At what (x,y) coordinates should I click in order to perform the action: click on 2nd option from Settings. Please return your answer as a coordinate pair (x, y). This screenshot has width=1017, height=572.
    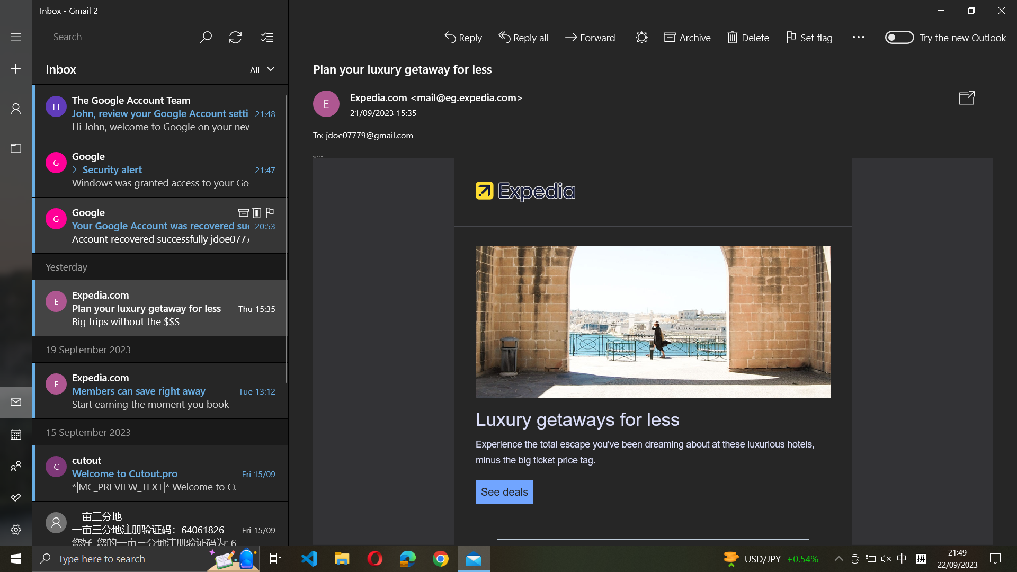
    Looking at the image, I should click on (15, 531).